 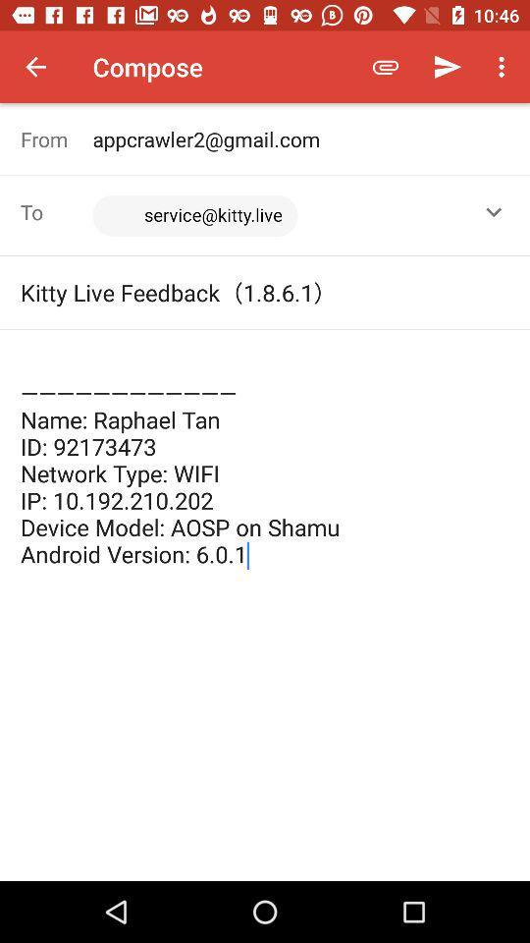 What do you see at coordinates (493, 212) in the screenshot?
I see `item next to the <service@kitty.live>,  icon` at bounding box center [493, 212].